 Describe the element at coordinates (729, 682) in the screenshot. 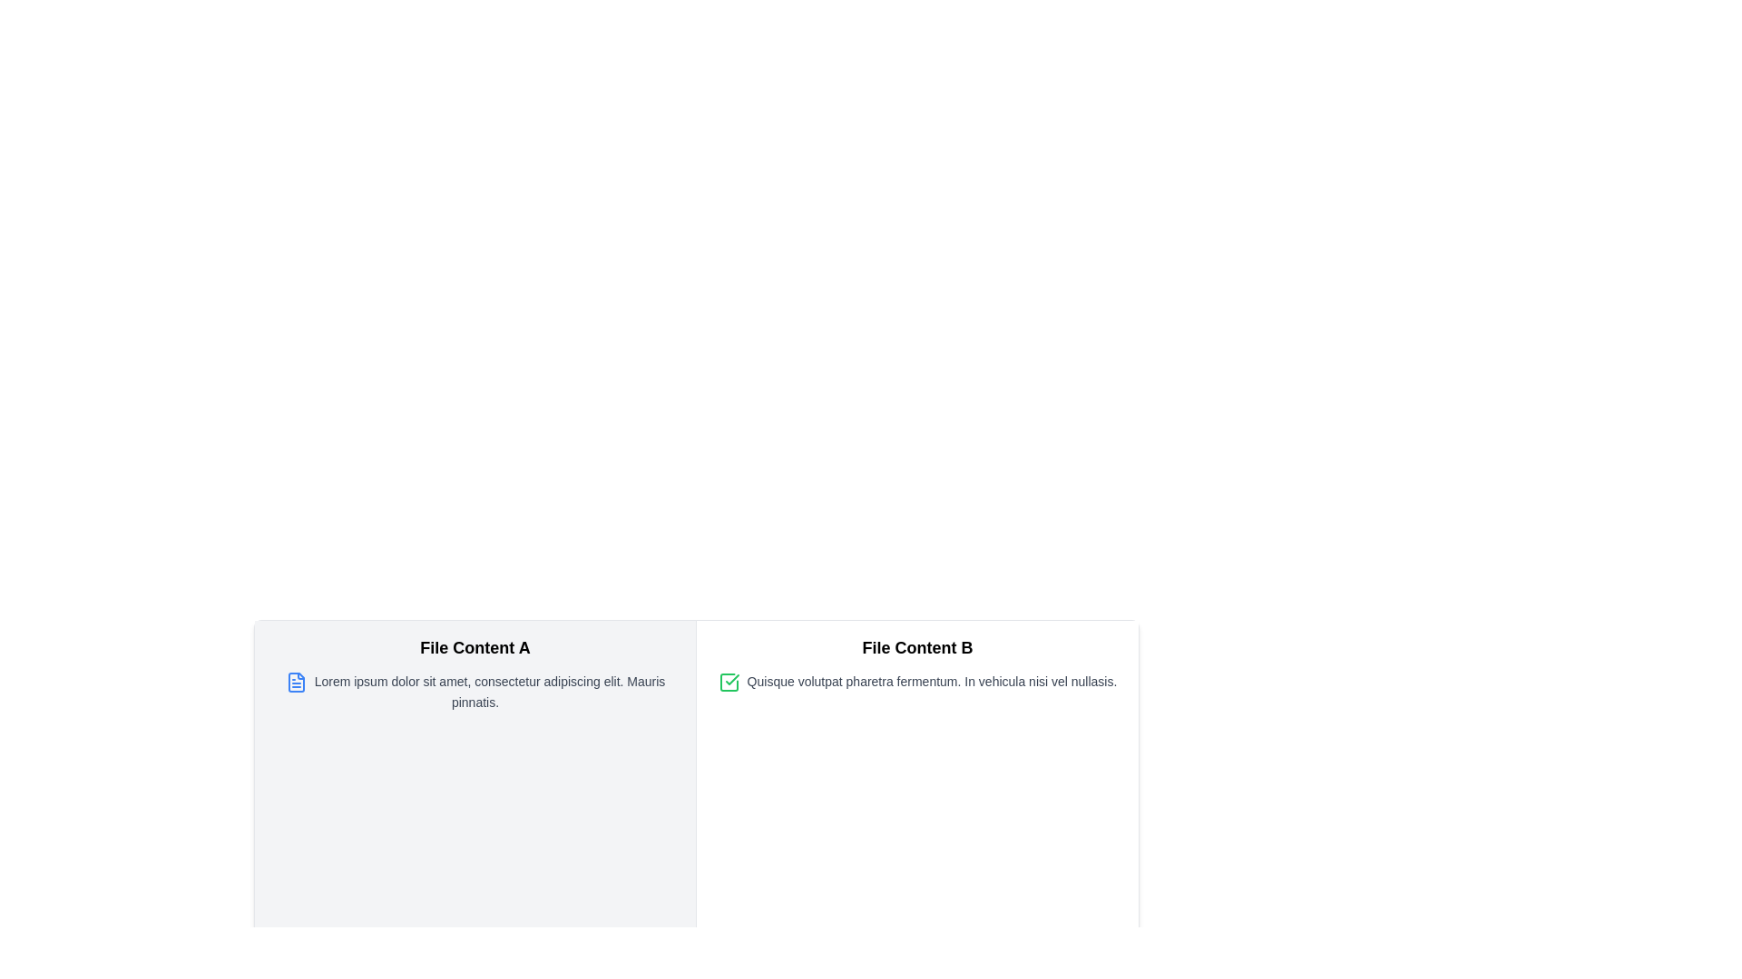

I see `the green checkmark icon located to the immediate left of the text 'Quisque volutpat pharetra fermentum. In vehicula nisi vel nullasis.' in the 'File Content B' section` at that location.